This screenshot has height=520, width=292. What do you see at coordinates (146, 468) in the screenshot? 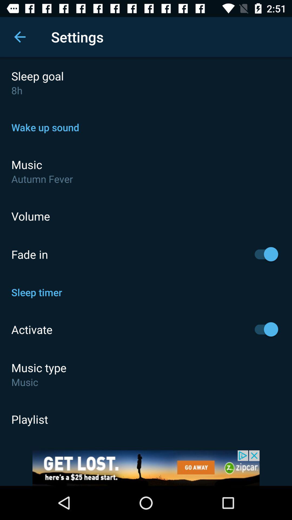
I see `advertisement` at bounding box center [146, 468].